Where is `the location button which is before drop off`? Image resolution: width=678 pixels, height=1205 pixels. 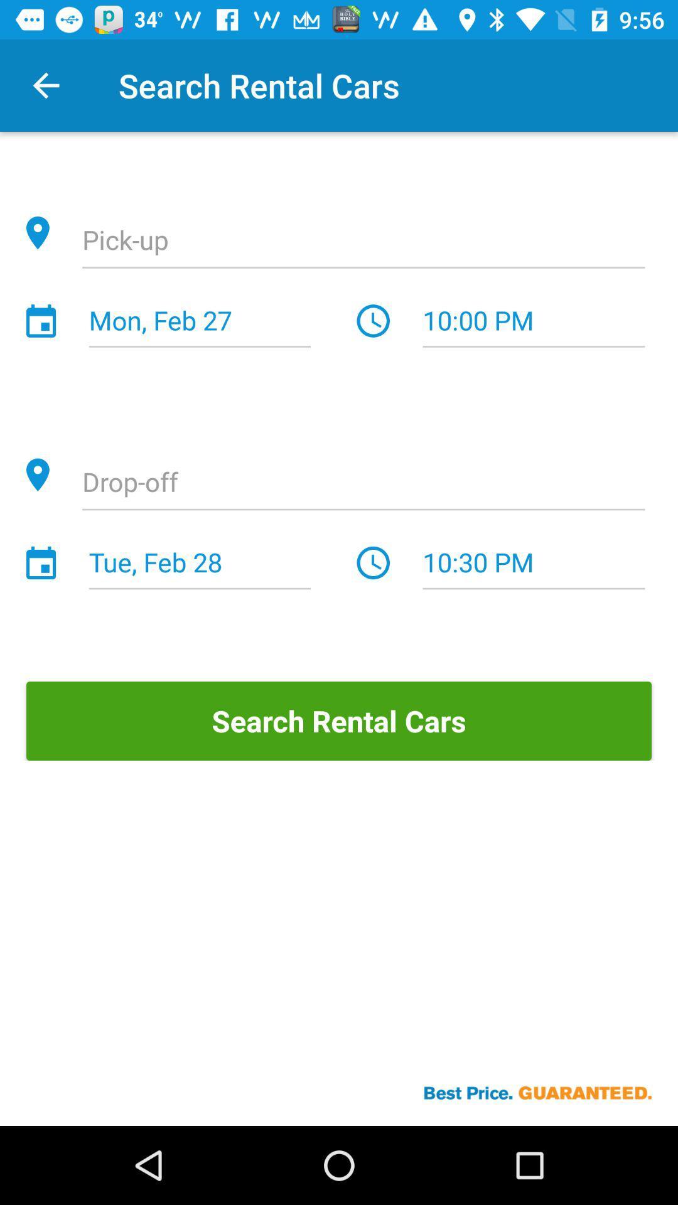 the location button which is before drop off is located at coordinates (37, 474).